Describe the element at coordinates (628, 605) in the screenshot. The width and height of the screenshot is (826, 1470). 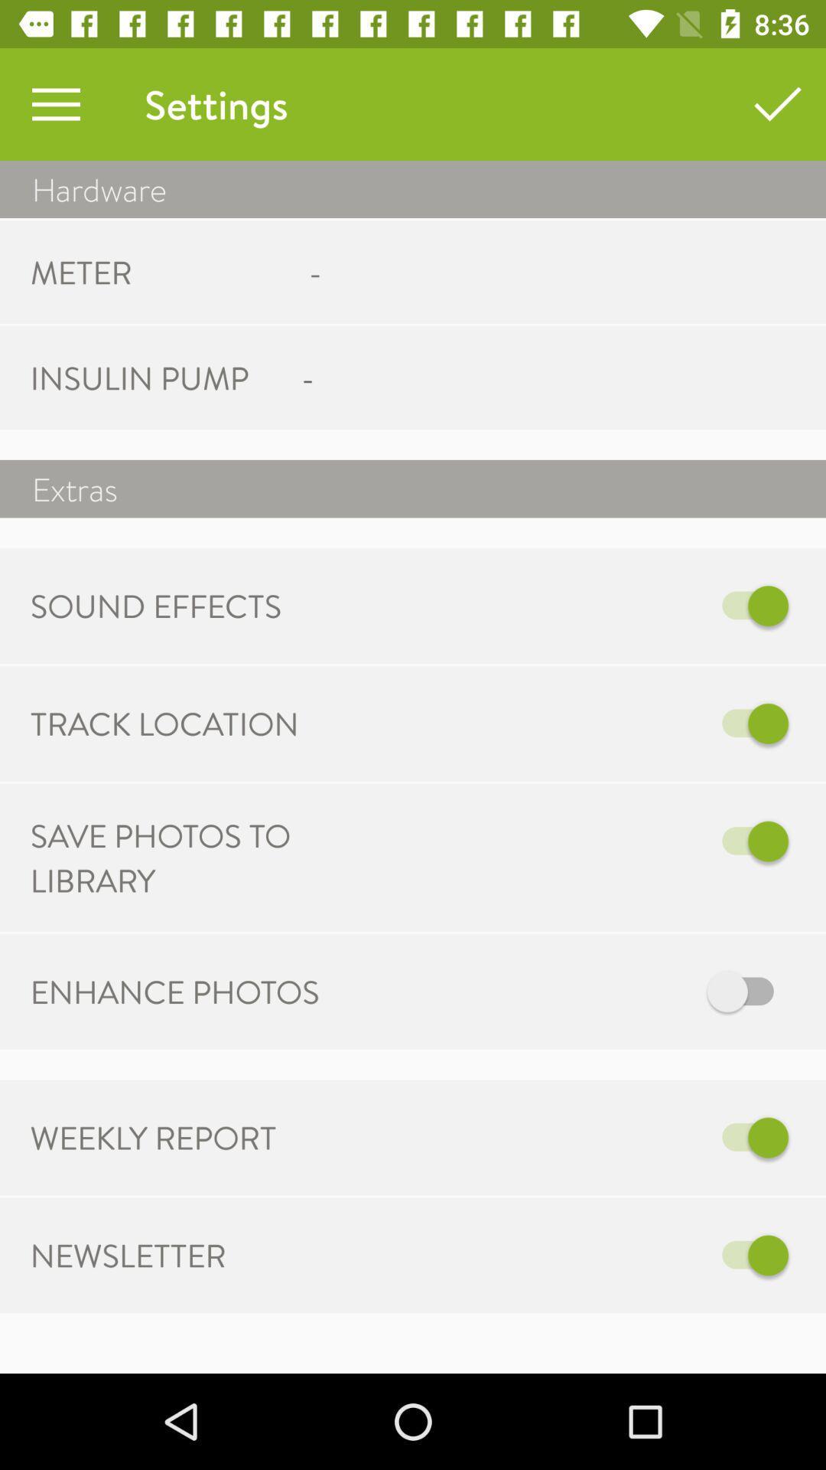
I see `icon to the right of sound effects icon` at that location.